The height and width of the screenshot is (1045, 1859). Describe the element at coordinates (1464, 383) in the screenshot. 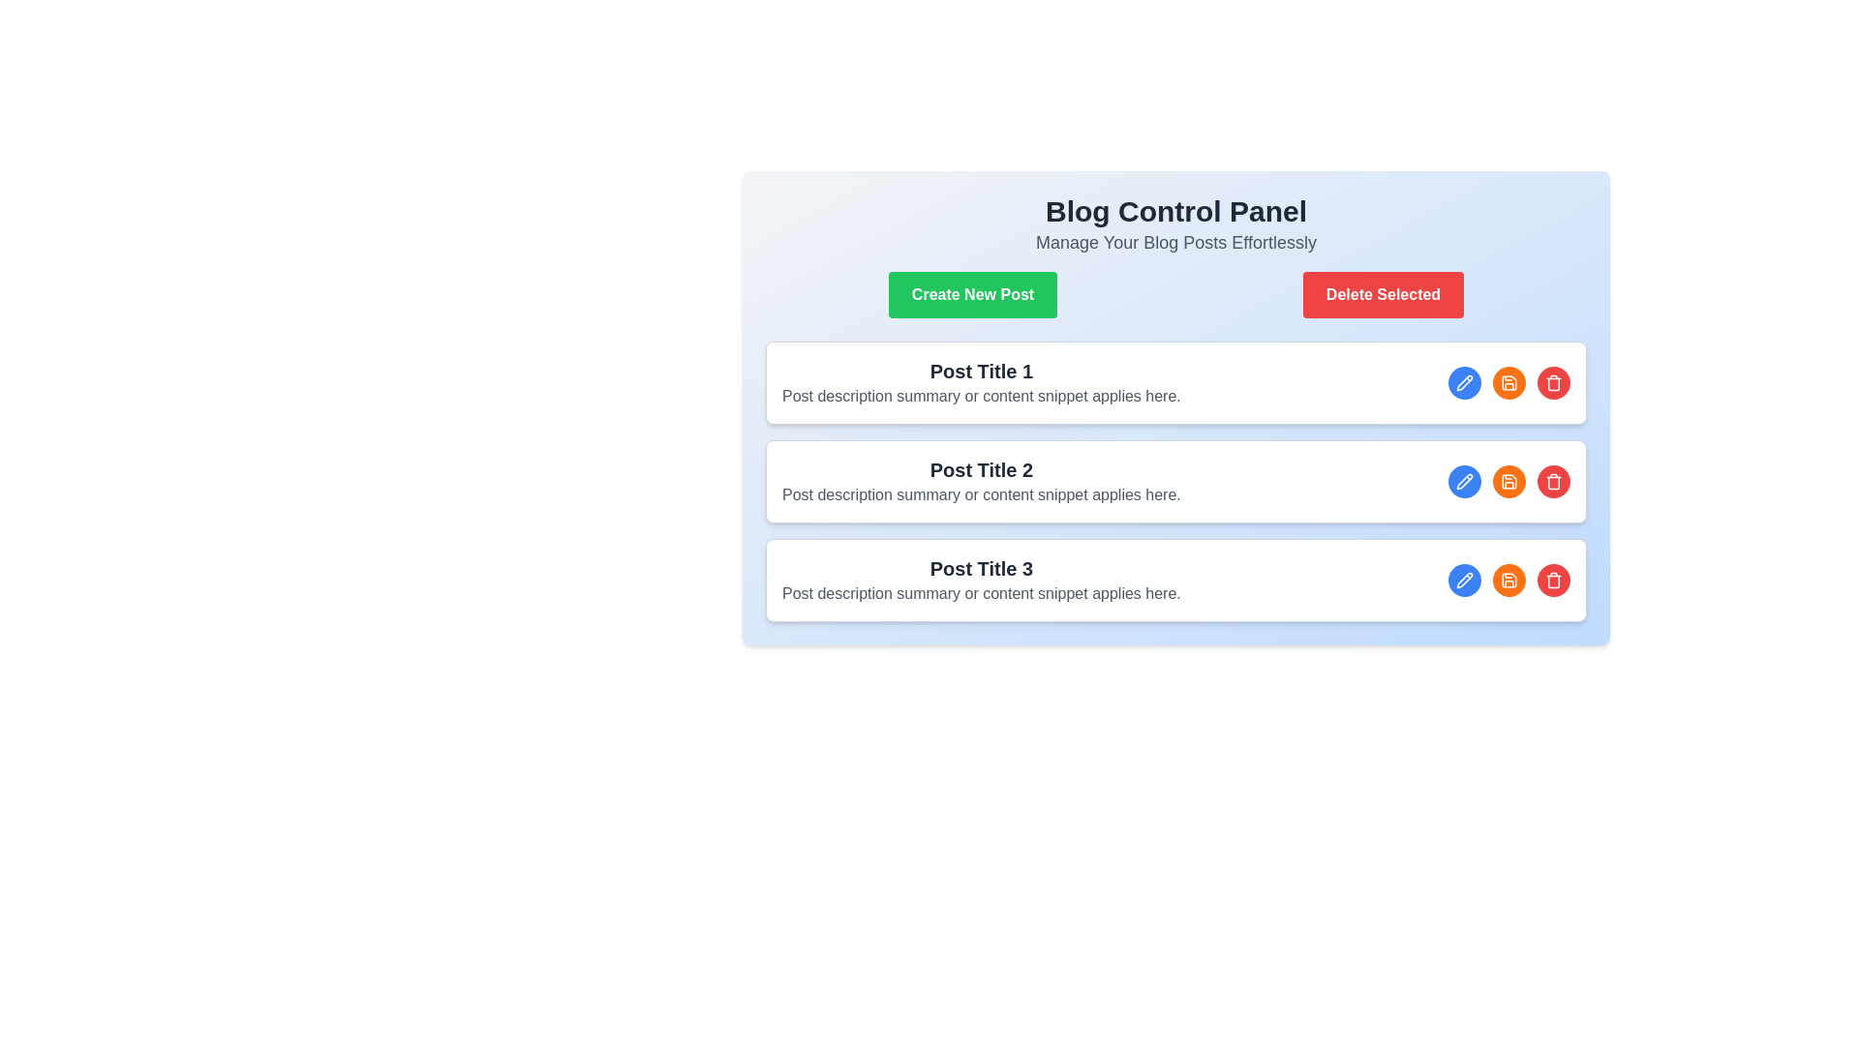

I see `the edit button with an SVG icon located in the second list item of the vertical blog post list` at that location.